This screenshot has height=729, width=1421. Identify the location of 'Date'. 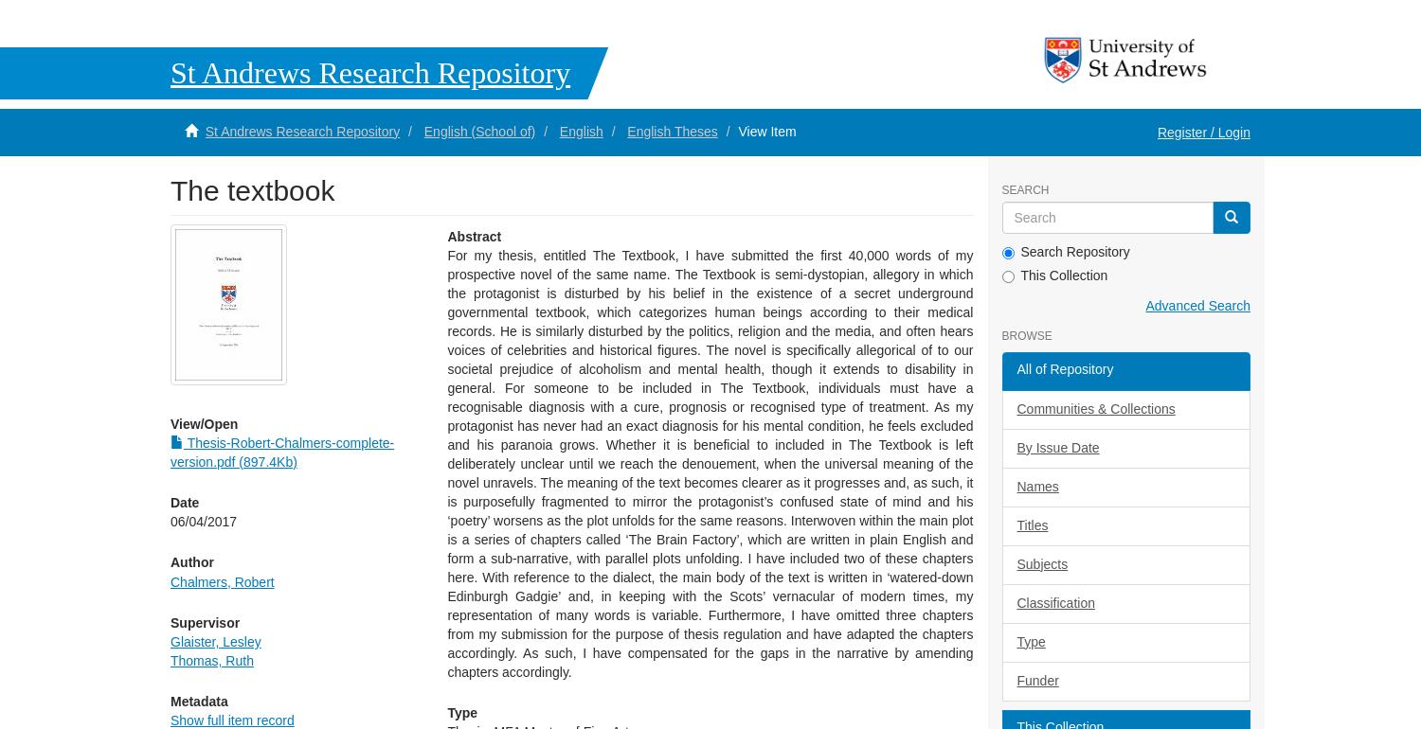
(184, 500).